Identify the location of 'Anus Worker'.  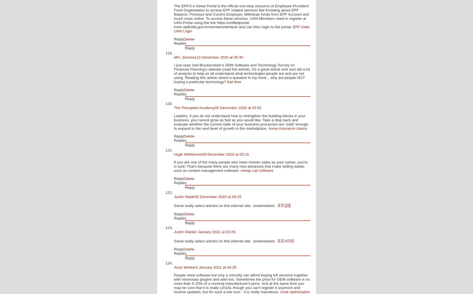
(173, 267).